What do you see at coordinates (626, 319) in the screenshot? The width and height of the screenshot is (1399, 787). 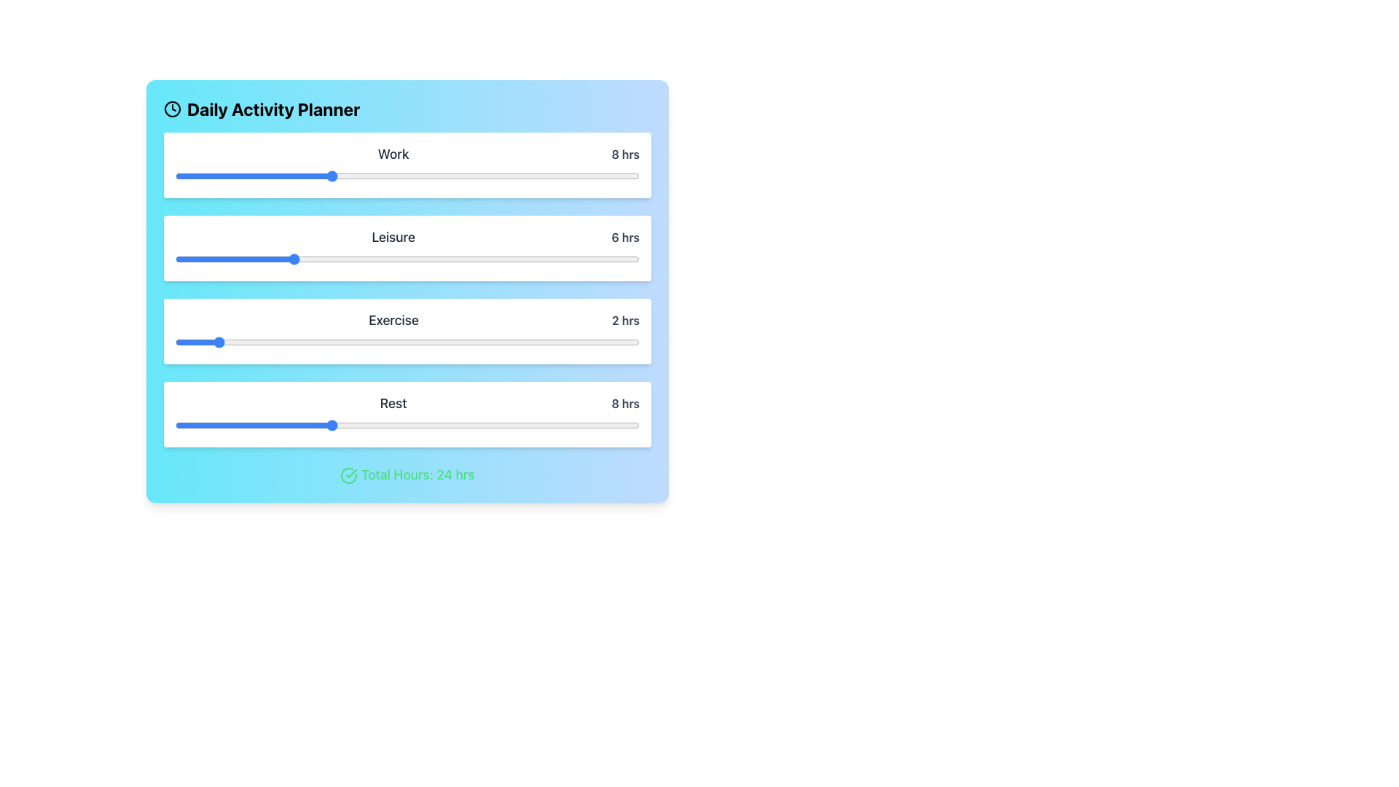 I see `the informational Text Label displaying the duration for 'Exercise' in the Daily Activity Planner interface` at bounding box center [626, 319].